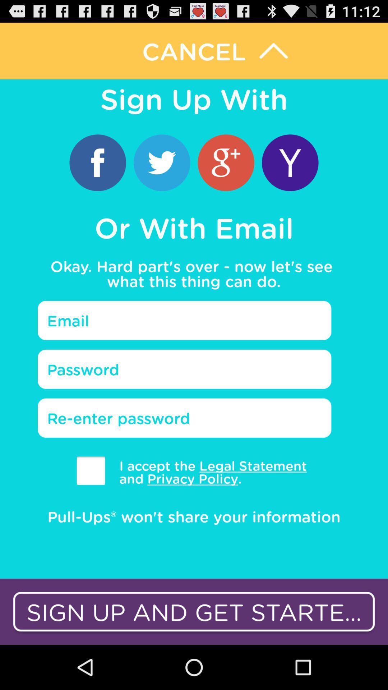  What do you see at coordinates (194, 611) in the screenshot?
I see `the last button below the page` at bounding box center [194, 611].